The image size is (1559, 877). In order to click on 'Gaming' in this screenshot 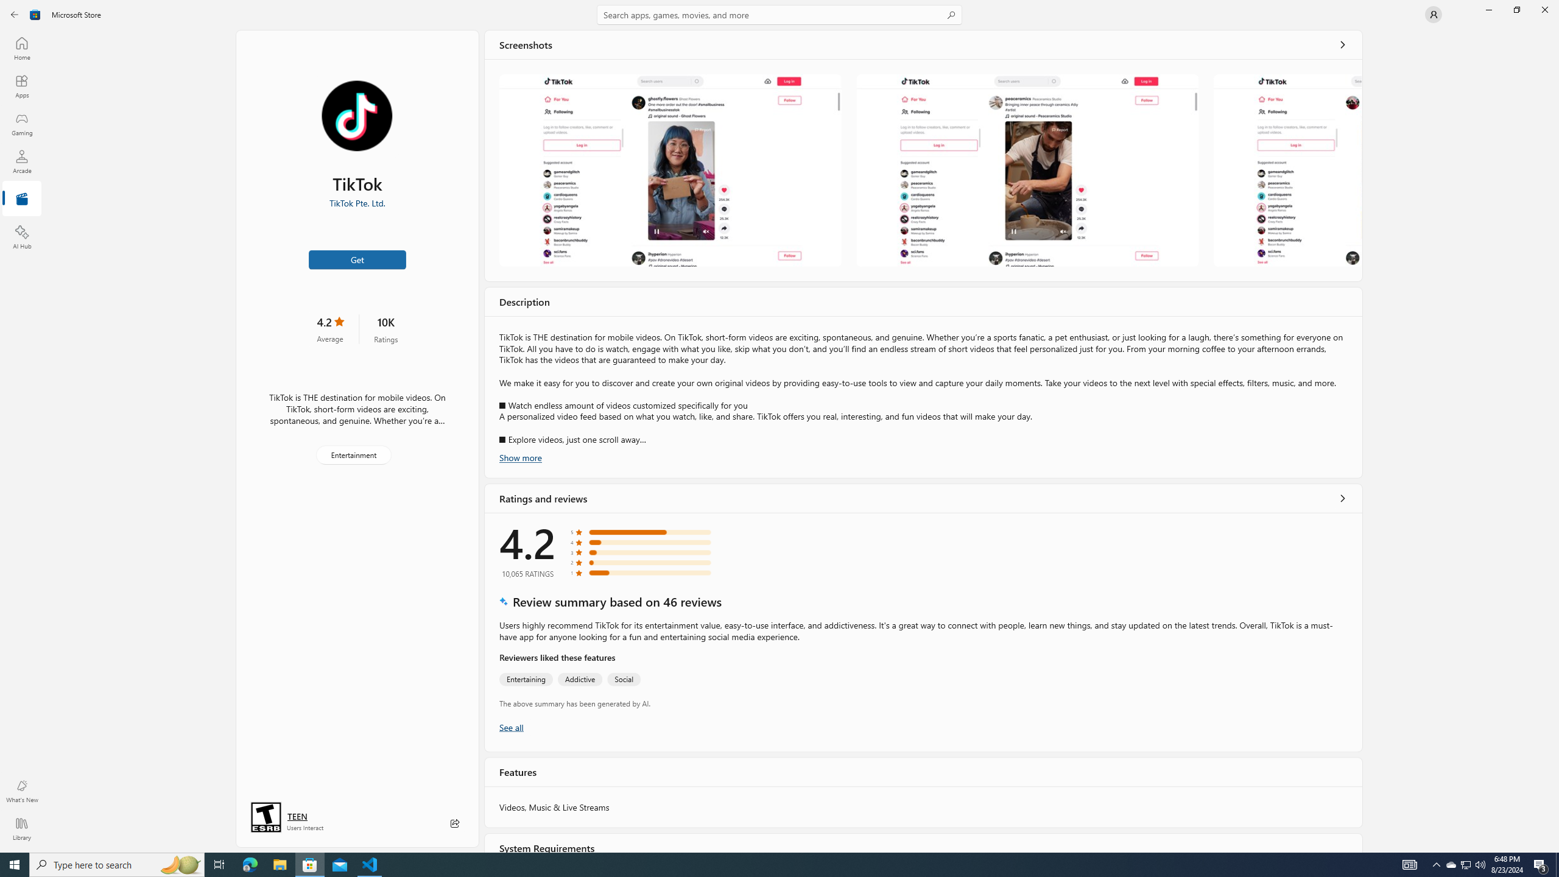, I will do `click(21, 123)`.